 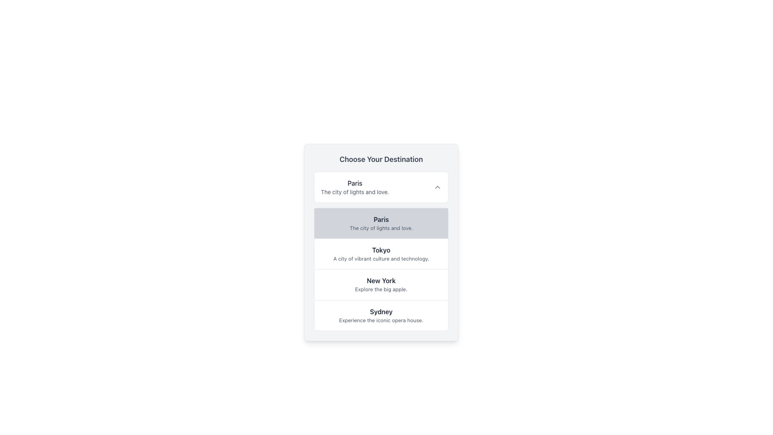 I want to click on the descriptive text element providing additional context about the 'New York' destination, located below the main title text 'New York' in the fourth item of the destination list, so click(x=380, y=288).